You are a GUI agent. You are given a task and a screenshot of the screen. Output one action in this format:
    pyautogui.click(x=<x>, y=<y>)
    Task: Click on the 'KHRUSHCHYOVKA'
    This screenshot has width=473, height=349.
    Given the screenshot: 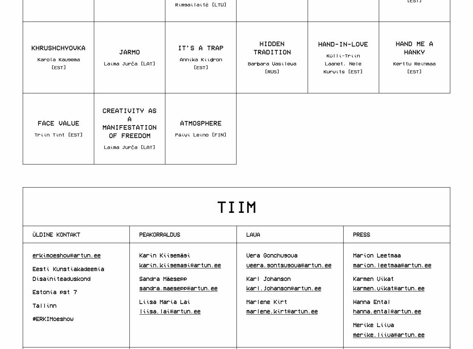 What is the action you would take?
    pyautogui.click(x=58, y=47)
    